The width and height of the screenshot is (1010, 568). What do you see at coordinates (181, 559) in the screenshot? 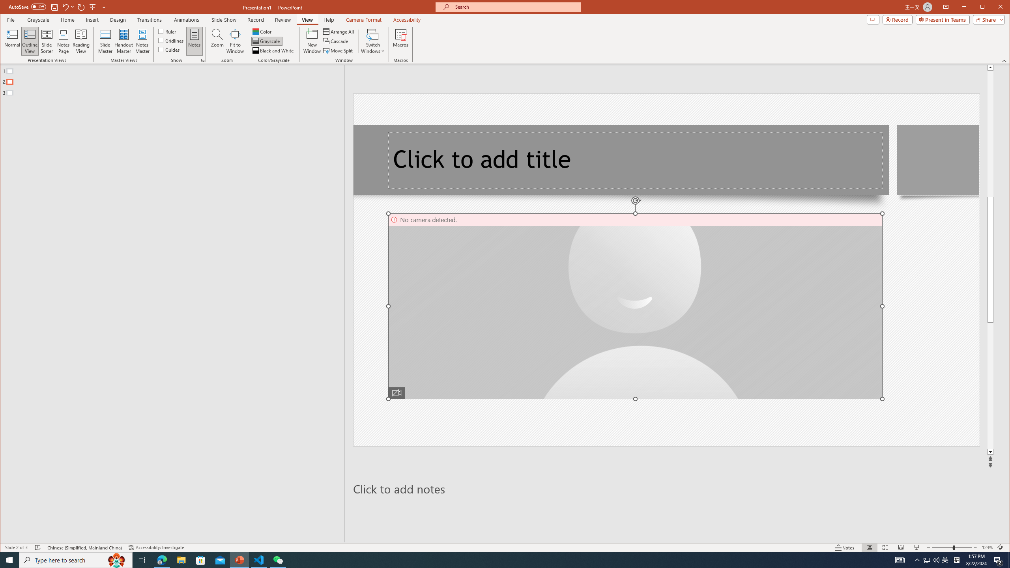
I see `'File Explorer'` at bounding box center [181, 559].